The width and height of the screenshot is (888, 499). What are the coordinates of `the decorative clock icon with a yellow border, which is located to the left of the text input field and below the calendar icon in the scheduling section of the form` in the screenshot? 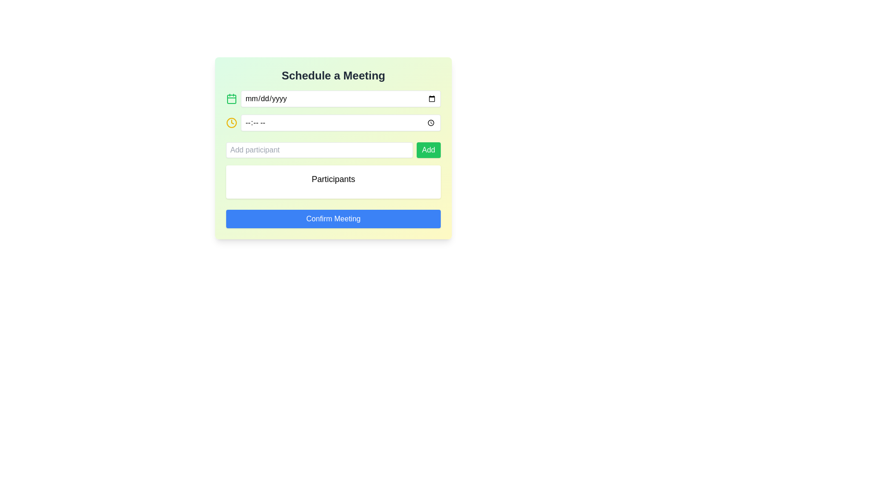 It's located at (231, 122).